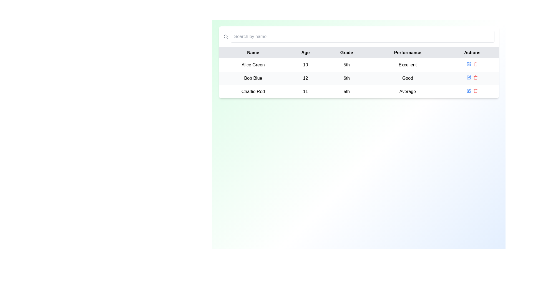 This screenshot has height=300, width=533. I want to click on the text display showing the age (11) of Charlie Red in the Age column of the table, so click(305, 91).